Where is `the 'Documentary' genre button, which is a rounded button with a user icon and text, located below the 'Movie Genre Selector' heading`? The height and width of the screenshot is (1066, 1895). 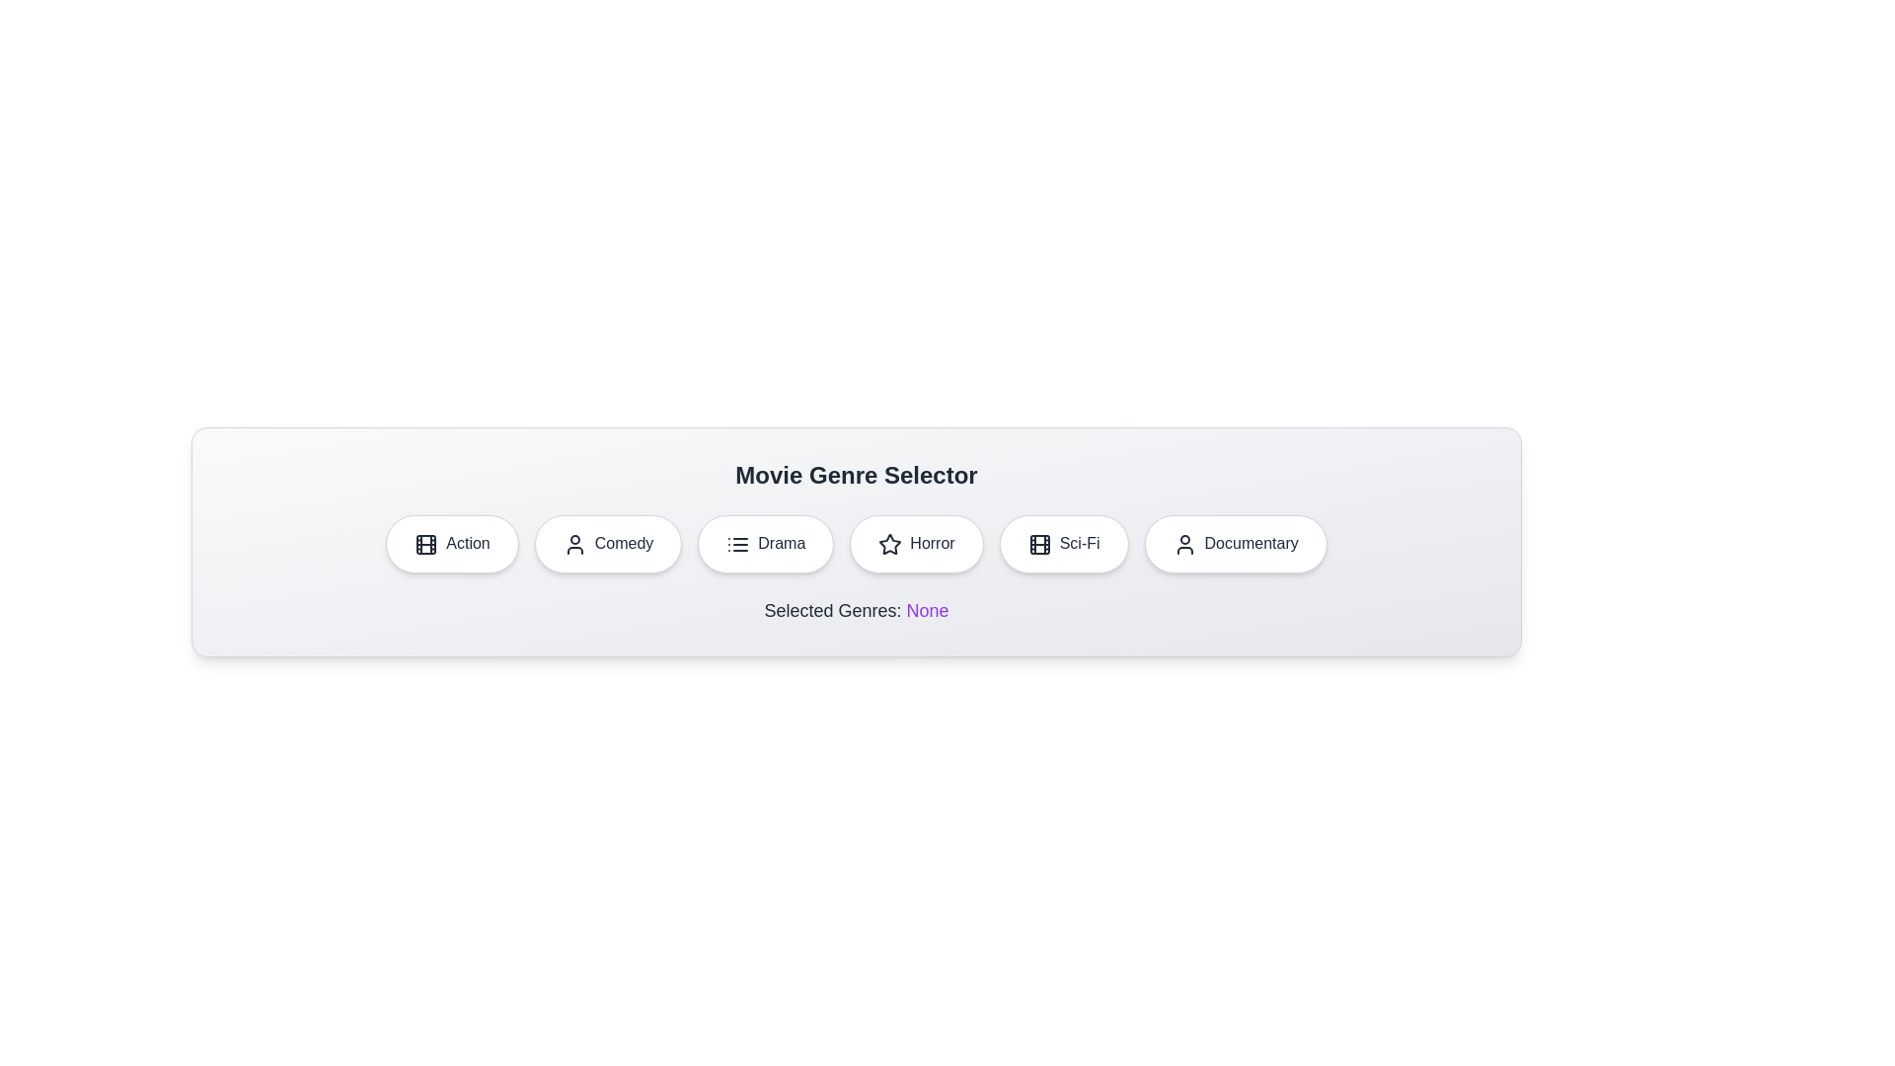
the 'Documentary' genre button, which is a rounded button with a user icon and text, located below the 'Movie Genre Selector' heading is located at coordinates (1235, 544).